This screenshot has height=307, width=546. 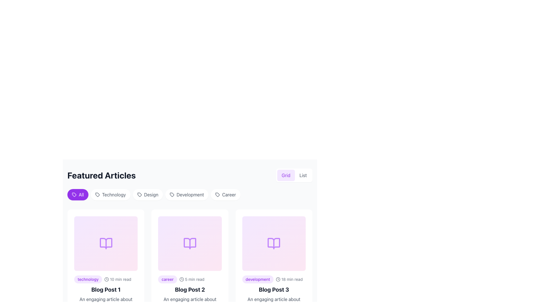 What do you see at coordinates (217, 194) in the screenshot?
I see `the tag-shaped icon next to the 'Career' label in the 'Featured Articles' section of the blog interface` at bounding box center [217, 194].